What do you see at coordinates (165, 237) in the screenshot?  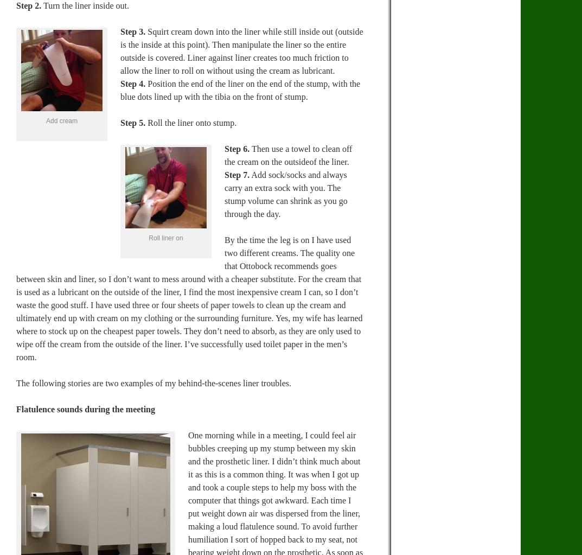 I see `'Roll liner on'` at bounding box center [165, 237].